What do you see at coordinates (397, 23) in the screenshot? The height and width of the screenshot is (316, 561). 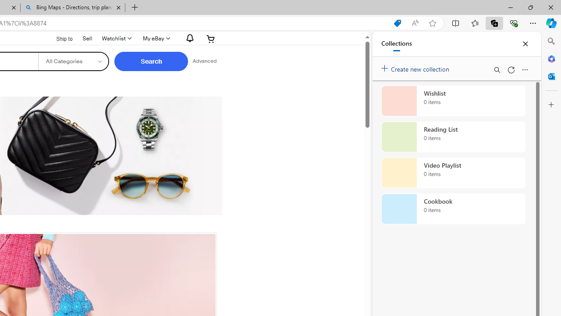 I see `'You have the best price!'` at bounding box center [397, 23].